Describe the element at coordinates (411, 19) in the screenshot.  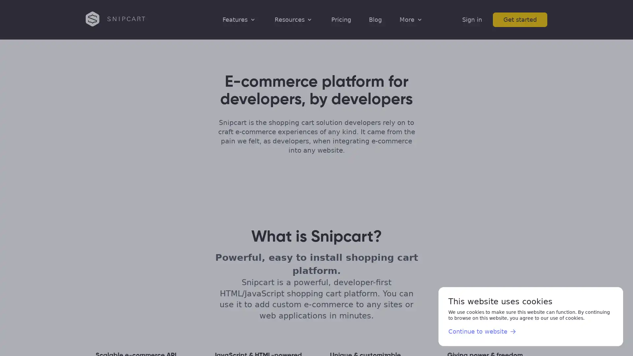
I see `More` at that location.